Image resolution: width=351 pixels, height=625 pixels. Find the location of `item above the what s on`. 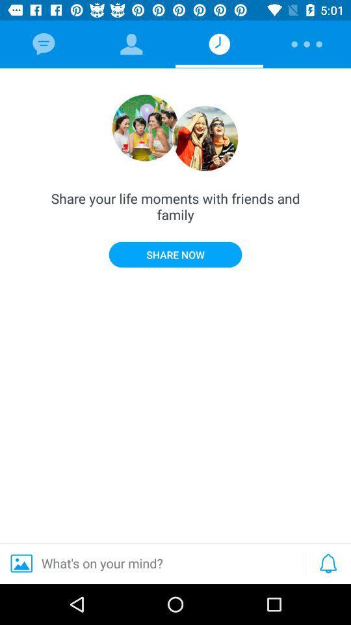

item above the what s on is located at coordinates (175, 254).